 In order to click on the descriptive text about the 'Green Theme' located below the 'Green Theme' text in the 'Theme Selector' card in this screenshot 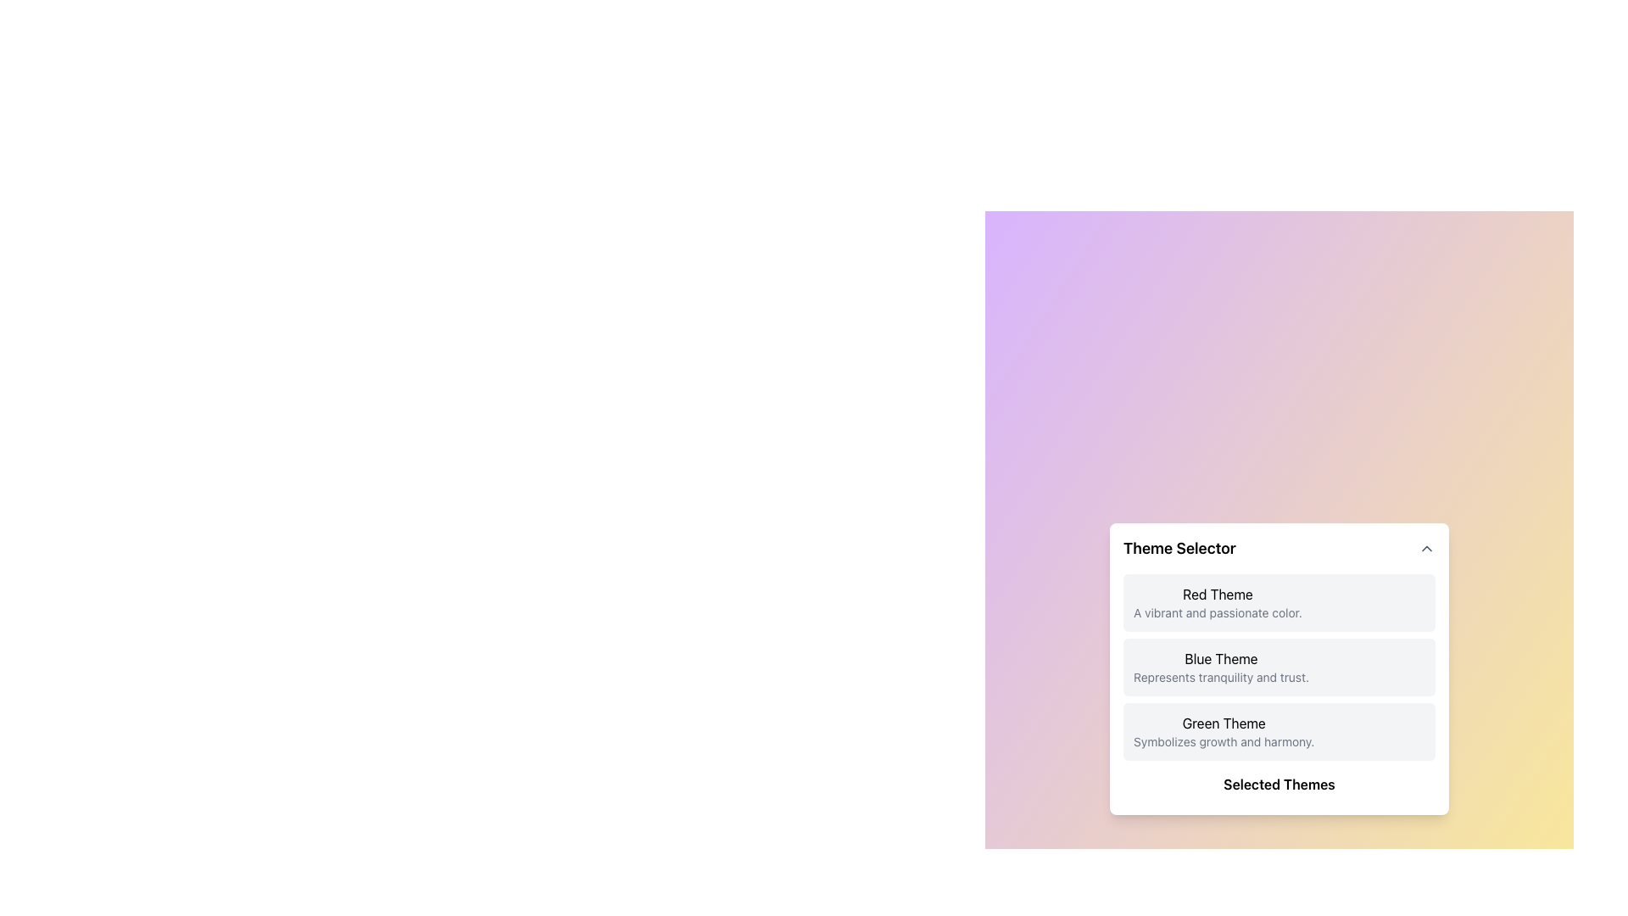, I will do `click(1224, 741)`.